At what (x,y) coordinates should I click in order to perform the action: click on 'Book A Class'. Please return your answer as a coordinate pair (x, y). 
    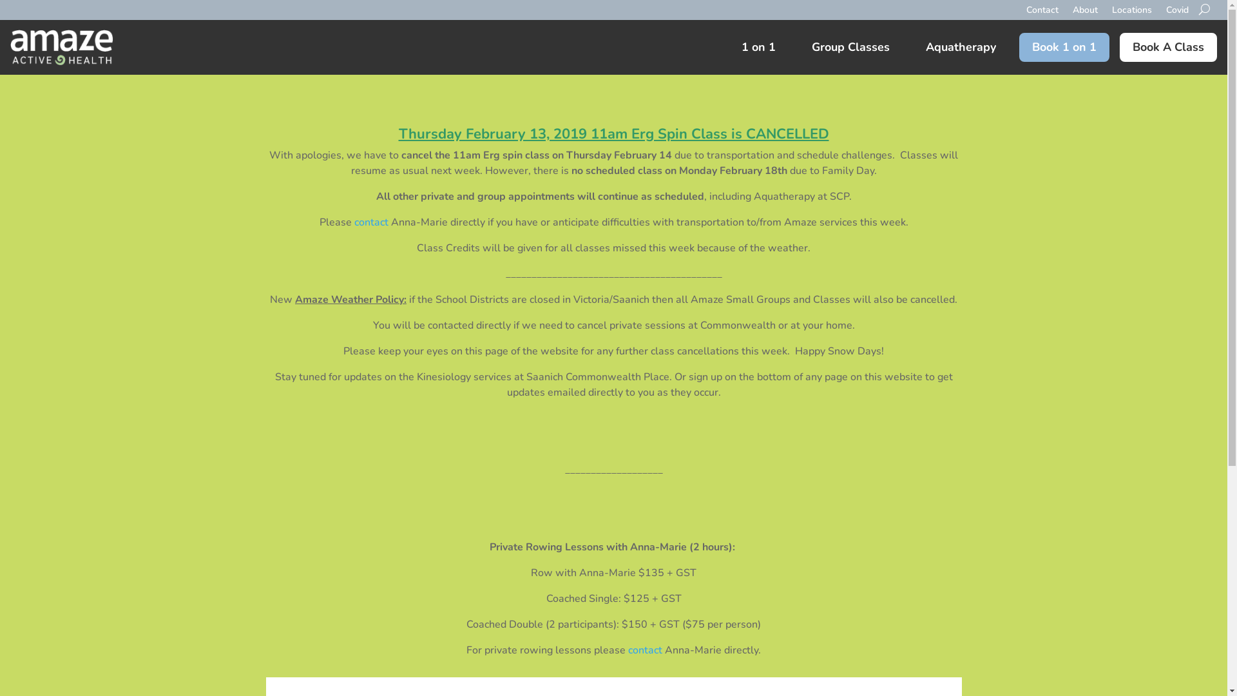
    Looking at the image, I should click on (1168, 46).